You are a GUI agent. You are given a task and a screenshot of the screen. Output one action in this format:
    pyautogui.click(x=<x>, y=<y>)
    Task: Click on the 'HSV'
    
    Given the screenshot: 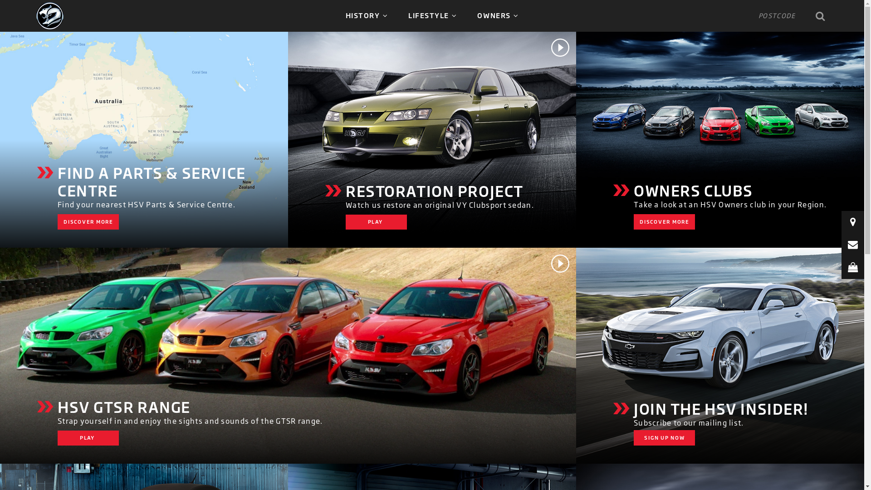 What is the action you would take?
    pyautogui.click(x=49, y=15)
    